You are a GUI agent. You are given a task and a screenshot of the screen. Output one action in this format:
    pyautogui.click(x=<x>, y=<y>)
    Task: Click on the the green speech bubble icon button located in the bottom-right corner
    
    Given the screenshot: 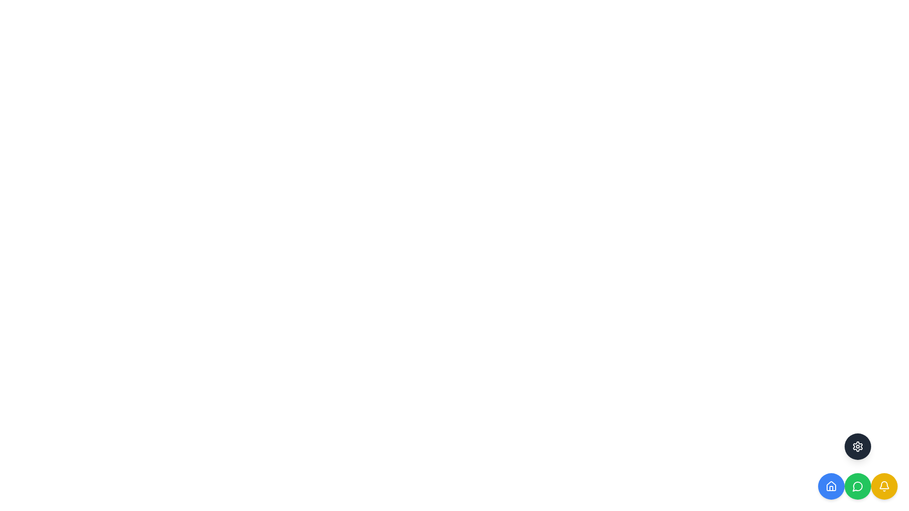 What is the action you would take?
    pyautogui.click(x=857, y=486)
    